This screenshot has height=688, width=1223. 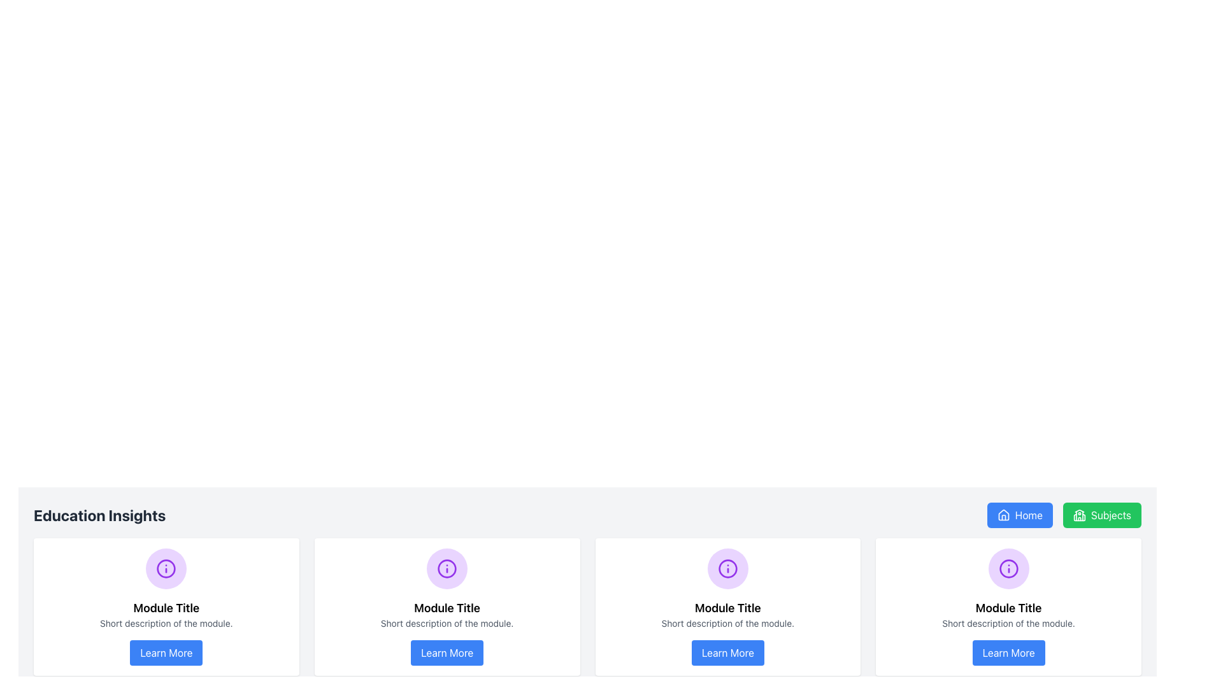 I want to click on the 'Home' button icon located on the right-hand side of the top navigation bar, so click(x=1003, y=515).